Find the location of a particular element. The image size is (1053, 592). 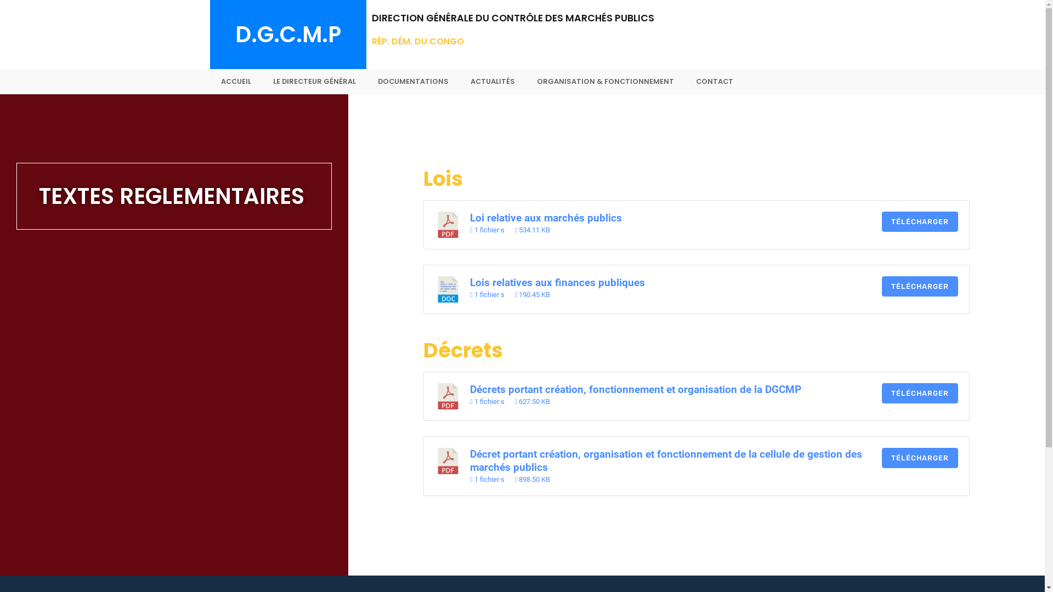

'D.G.C.M.P' is located at coordinates (234, 33).